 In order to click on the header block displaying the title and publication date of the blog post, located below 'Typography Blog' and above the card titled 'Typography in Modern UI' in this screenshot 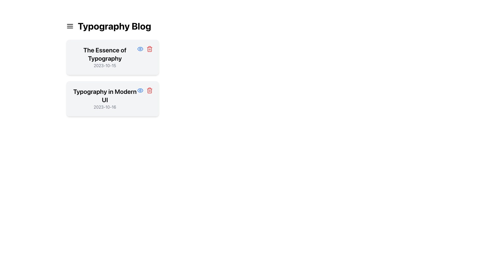, I will do `click(112, 57)`.